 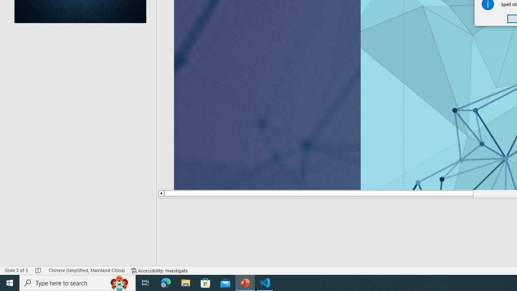 I want to click on 'File Explorer', so click(x=185, y=282).